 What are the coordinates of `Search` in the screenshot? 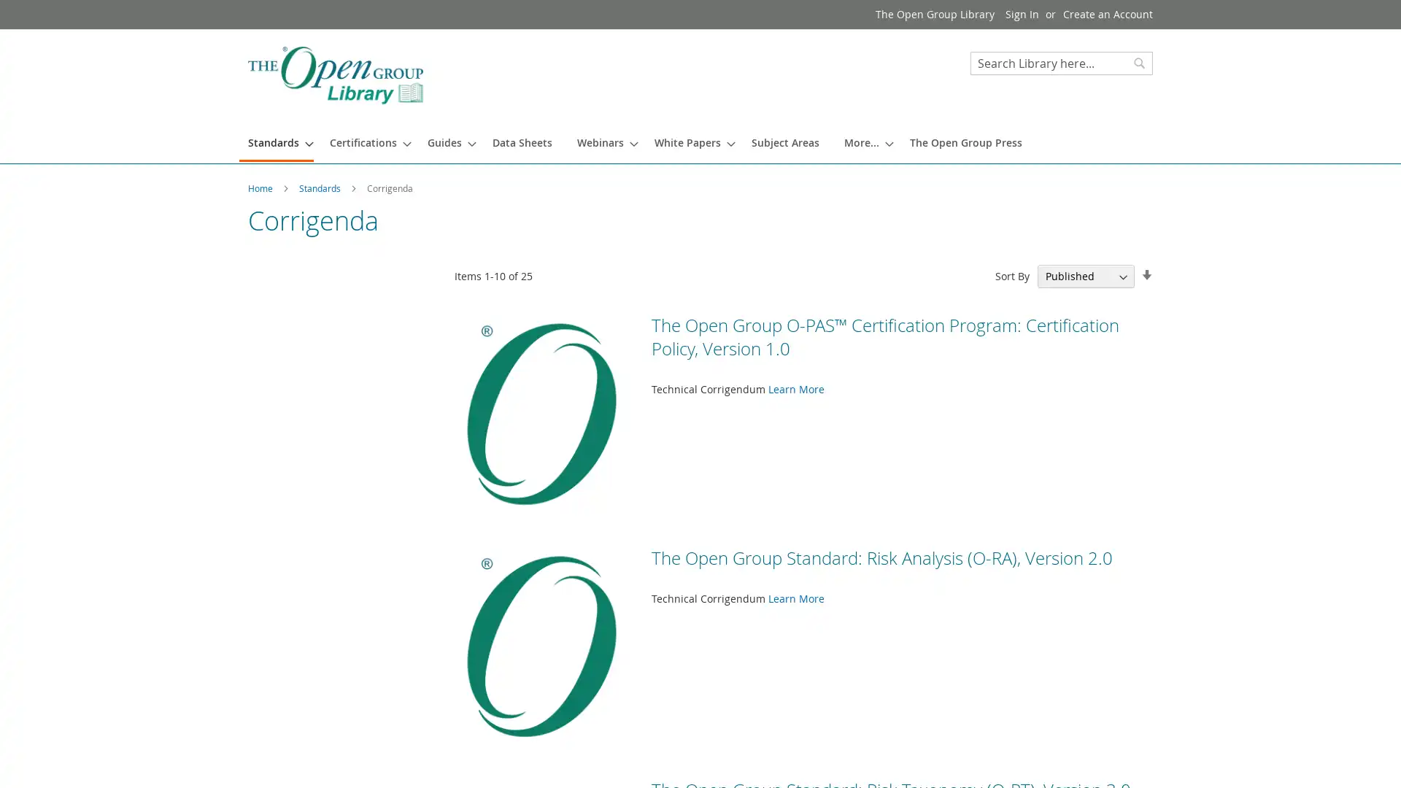 It's located at (1138, 63).